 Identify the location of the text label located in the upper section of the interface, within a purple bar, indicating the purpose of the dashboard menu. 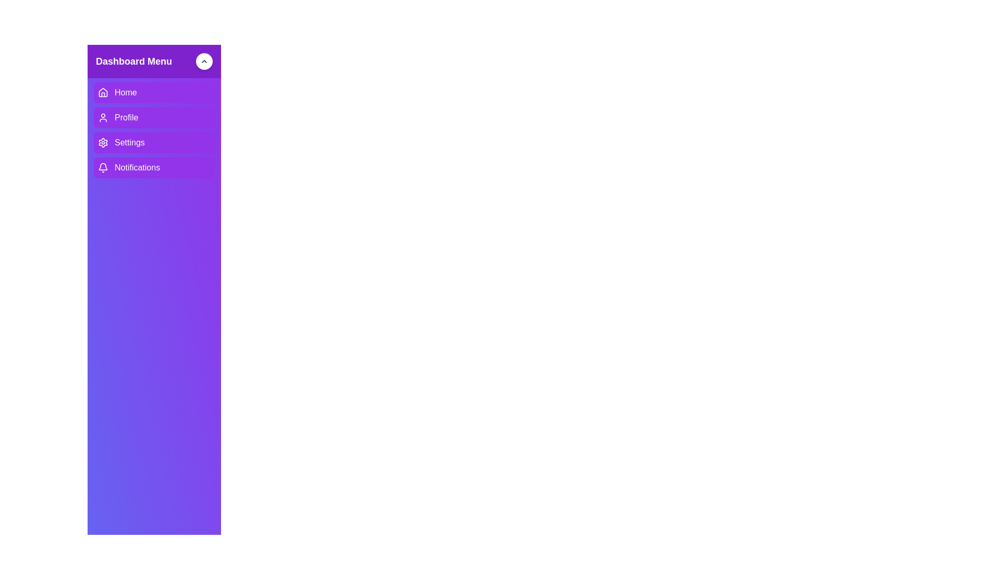
(133, 62).